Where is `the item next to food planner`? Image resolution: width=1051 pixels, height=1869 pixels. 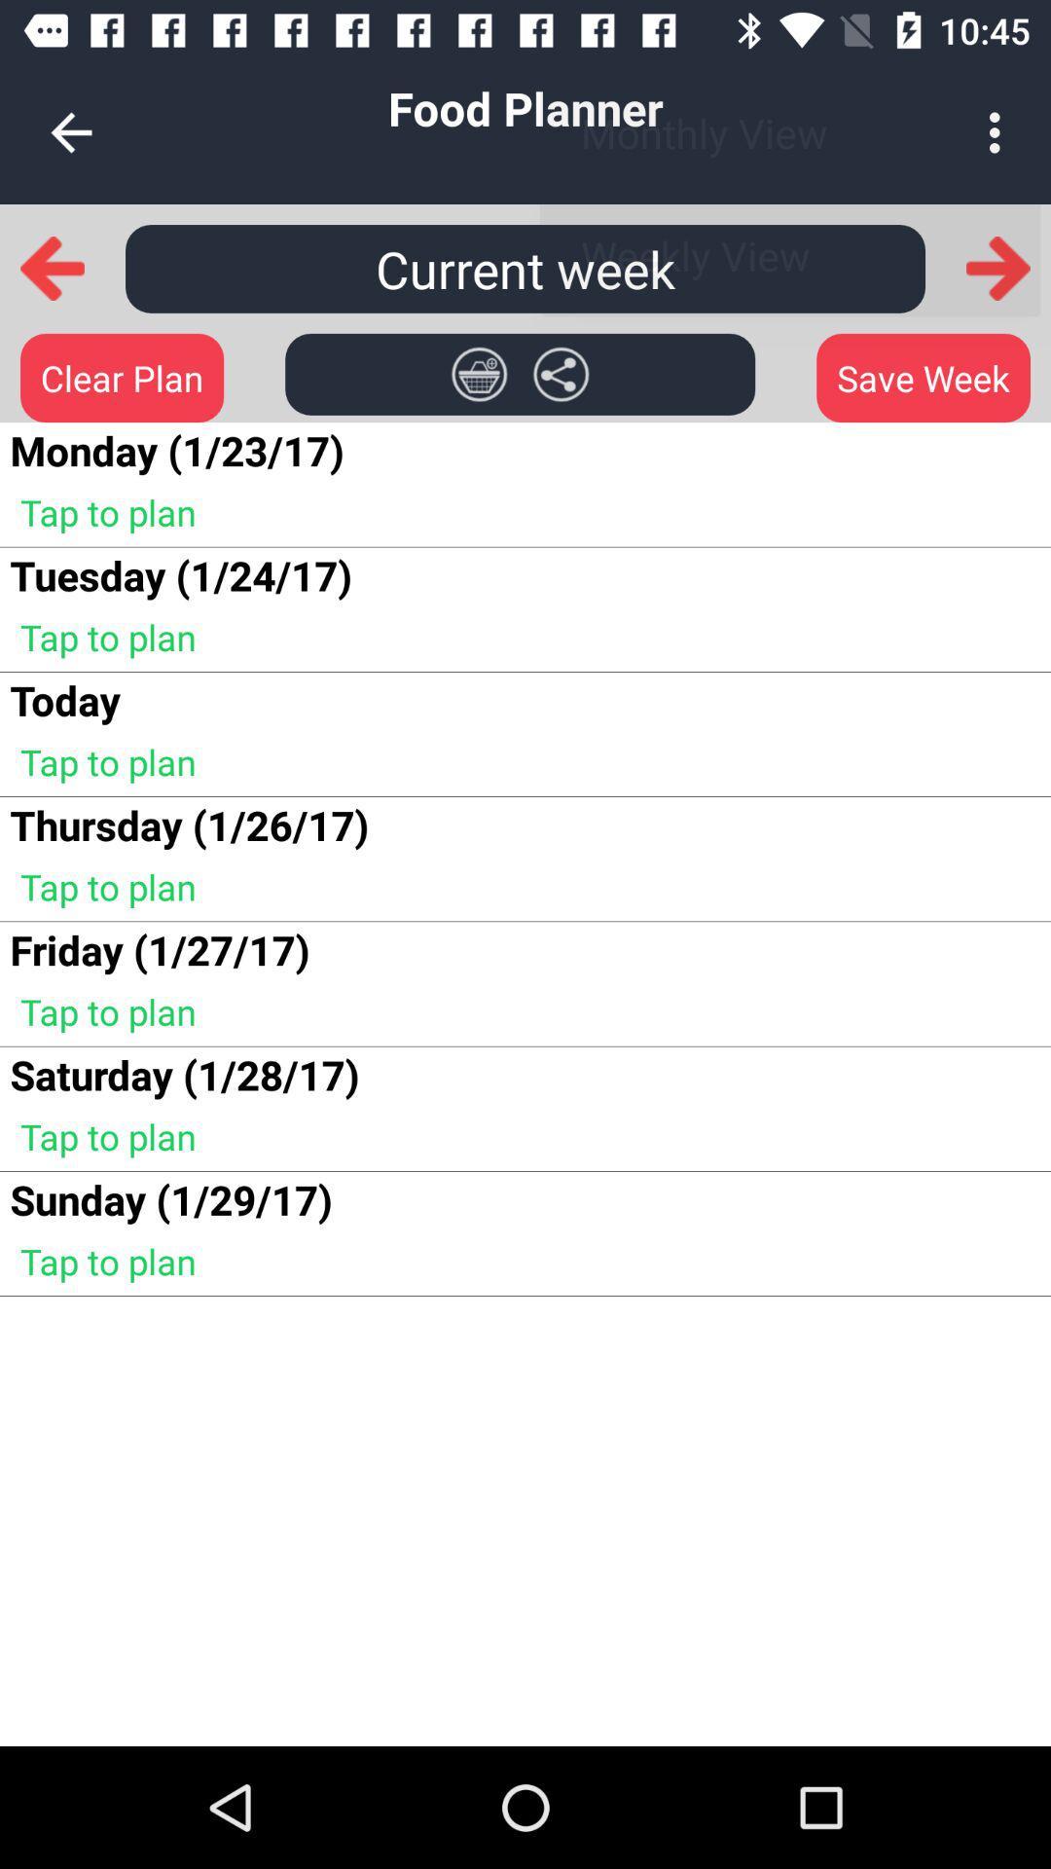
the item next to food planner is located at coordinates (999, 131).